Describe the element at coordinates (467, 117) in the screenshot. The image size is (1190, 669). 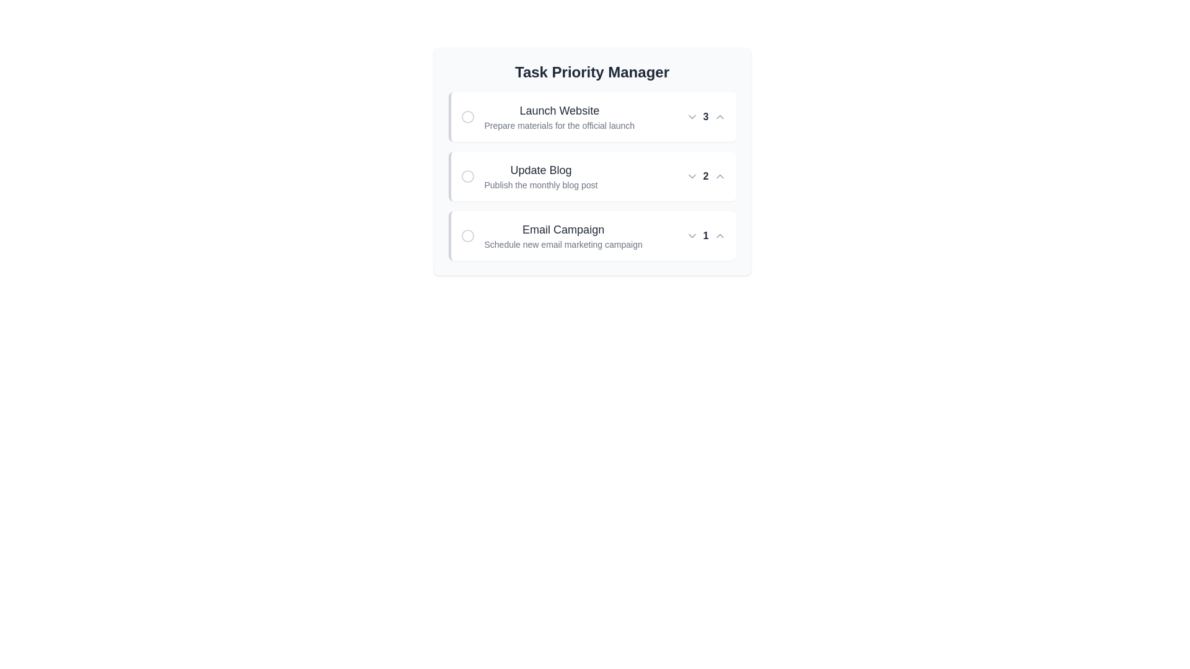
I see `the graphical circle icon representing the status of the 'Launch Website' task in the top-left corner of the task item` at that location.